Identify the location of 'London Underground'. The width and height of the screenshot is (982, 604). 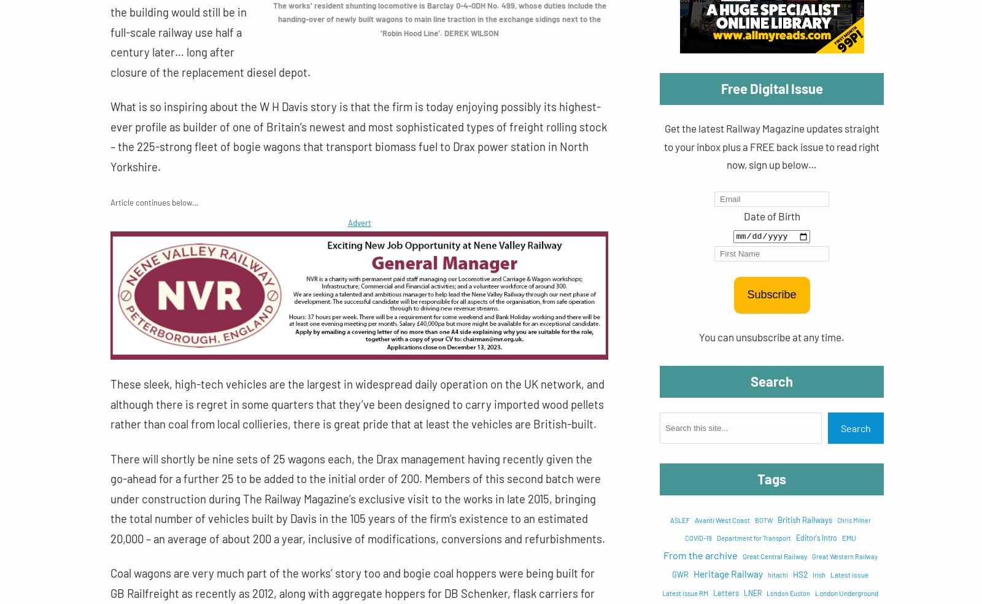
(846, 592).